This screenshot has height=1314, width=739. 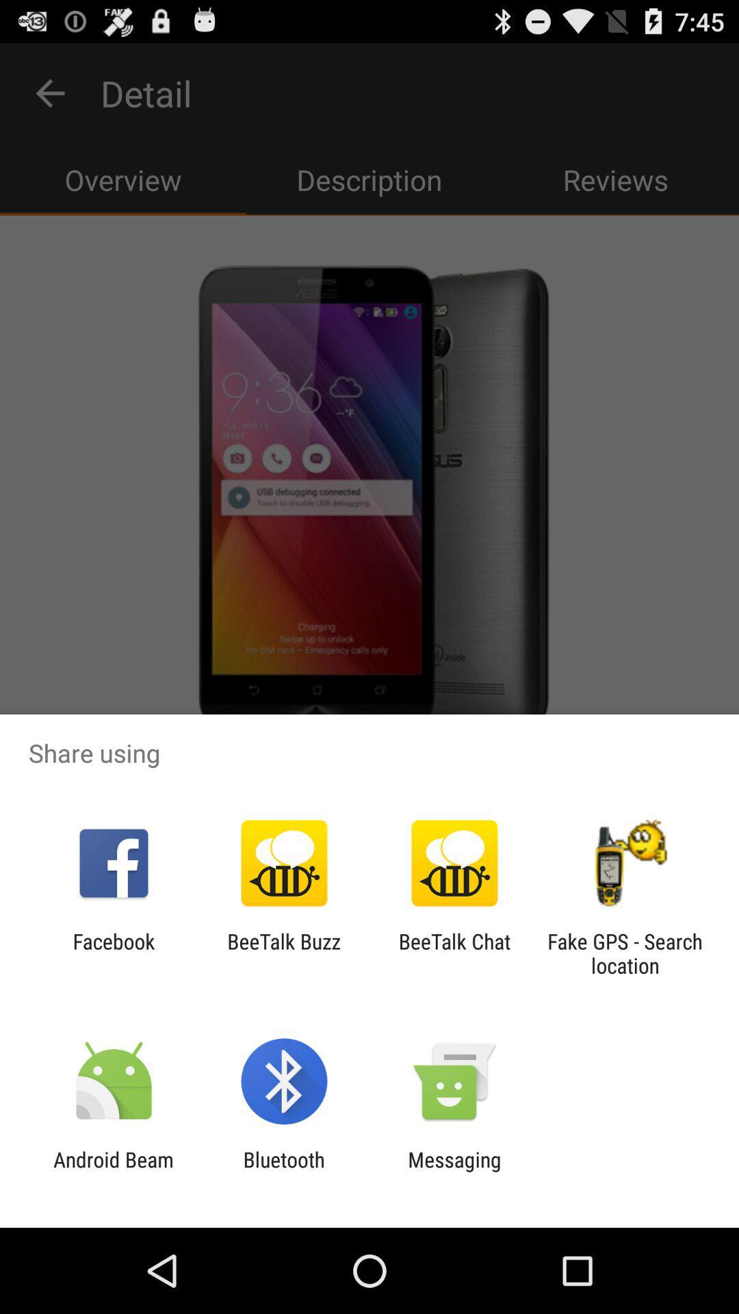 I want to click on beetalk buzz item, so click(x=283, y=953).